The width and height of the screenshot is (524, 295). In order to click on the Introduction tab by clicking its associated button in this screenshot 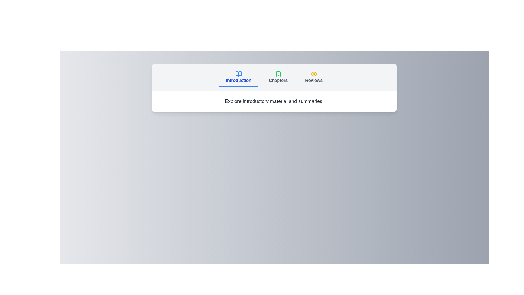, I will do `click(239, 78)`.